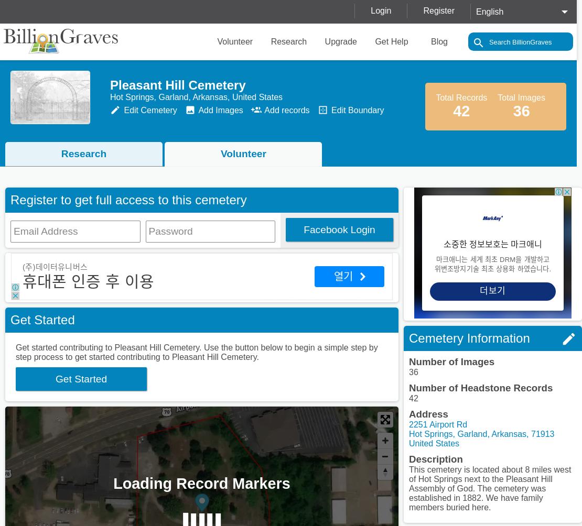 The image size is (582, 526). I want to click on 'Sign up the easy way', so click(329, 265).